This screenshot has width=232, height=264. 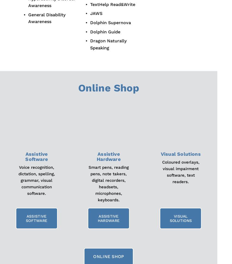 What do you see at coordinates (96, 13) in the screenshot?
I see `'JAWS'` at bounding box center [96, 13].